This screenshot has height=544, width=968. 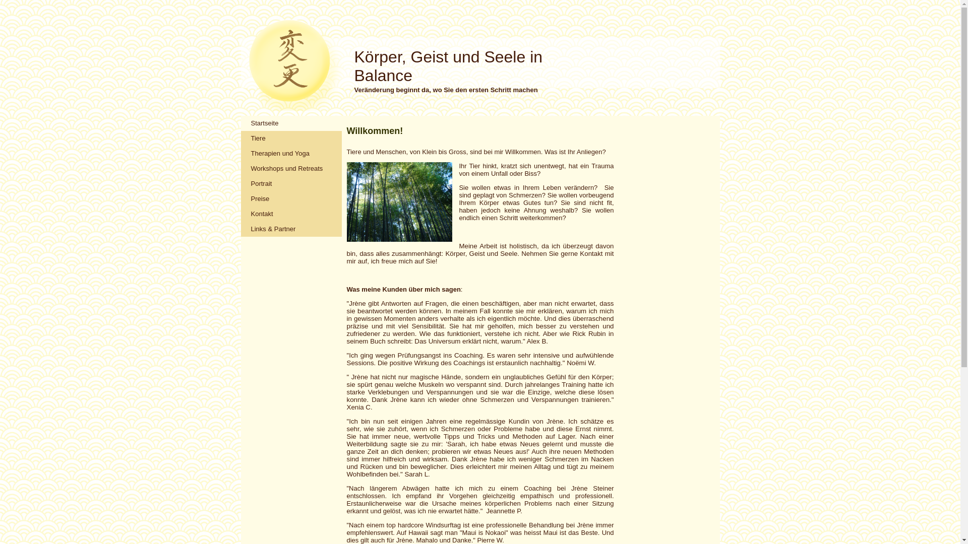 I want to click on 'Workshops und Retreats', so click(x=240, y=168).